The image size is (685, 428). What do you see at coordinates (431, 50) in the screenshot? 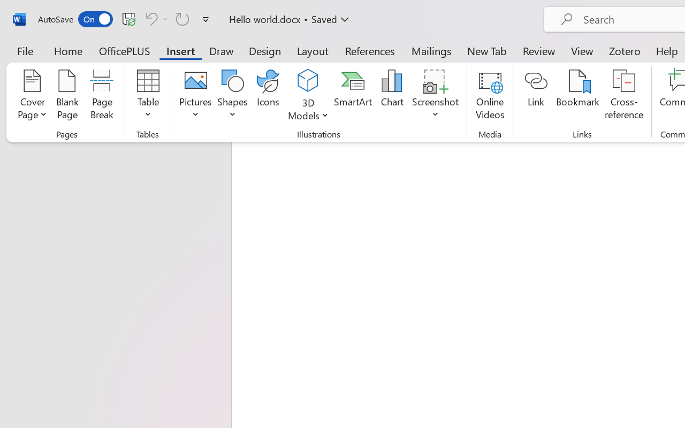
I see `'Mailings'` at bounding box center [431, 50].